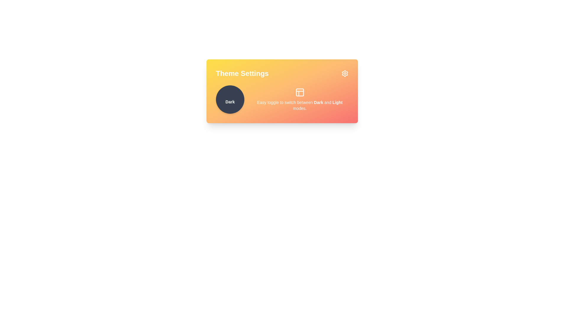  I want to click on the circular button to toggle the theme, so click(230, 99).